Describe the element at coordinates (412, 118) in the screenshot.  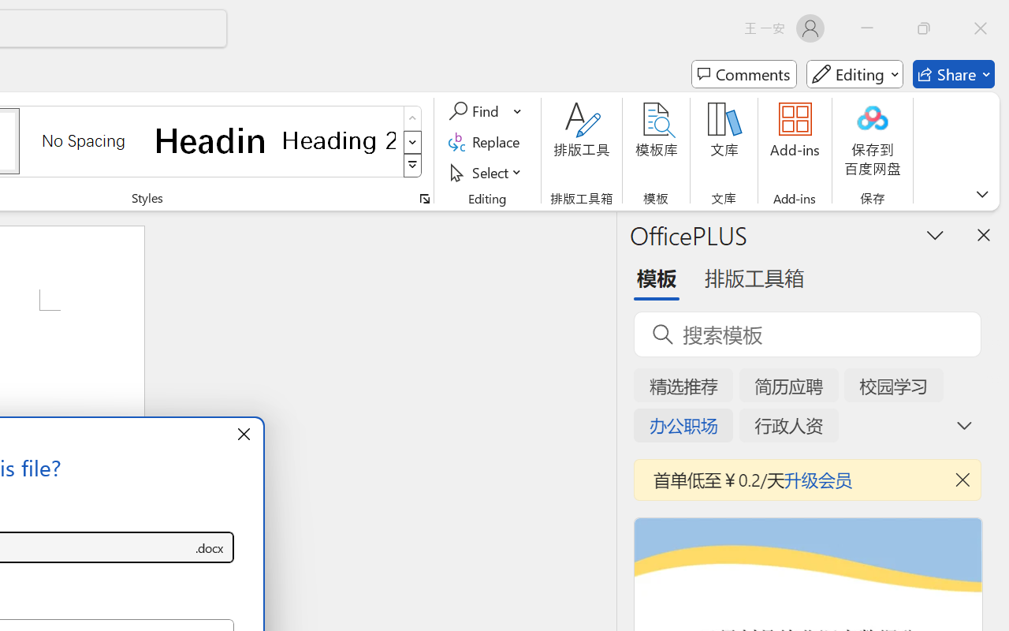
I see `'Row up'` at that location.